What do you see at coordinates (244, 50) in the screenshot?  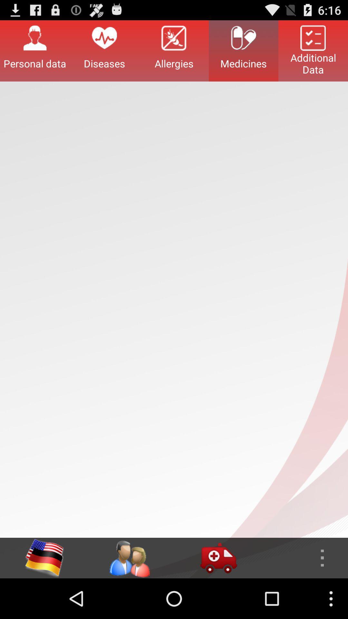 I see `the button next to the additional data icon` at bounding box center [244, 50].